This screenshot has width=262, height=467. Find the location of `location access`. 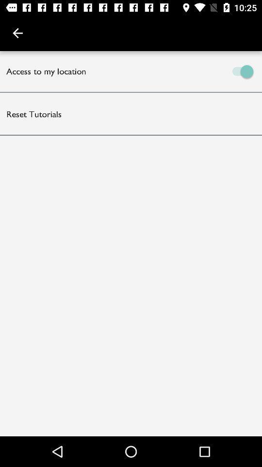

location access is located at coordinates (196, 71).